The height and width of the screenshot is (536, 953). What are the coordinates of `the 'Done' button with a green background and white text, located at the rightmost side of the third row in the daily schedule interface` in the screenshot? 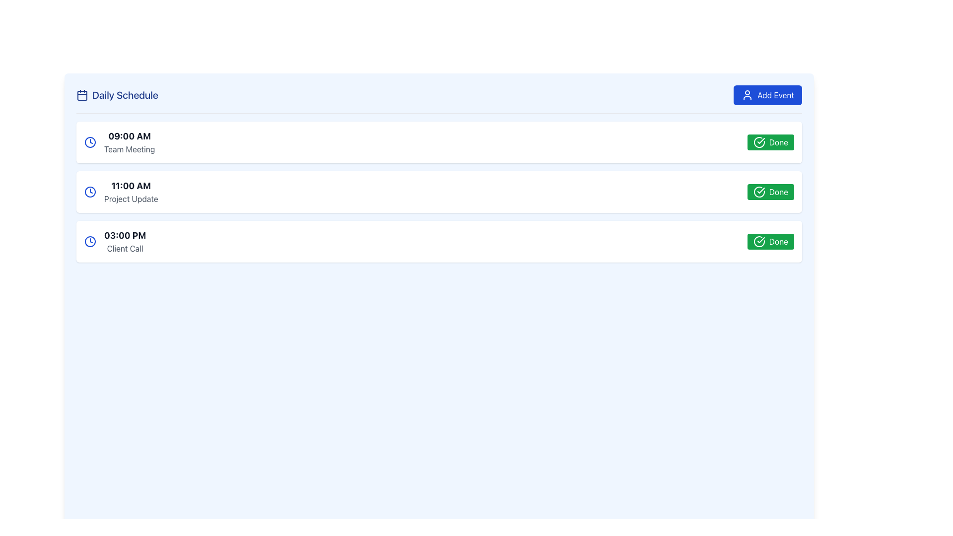 It's located at (770, 241).